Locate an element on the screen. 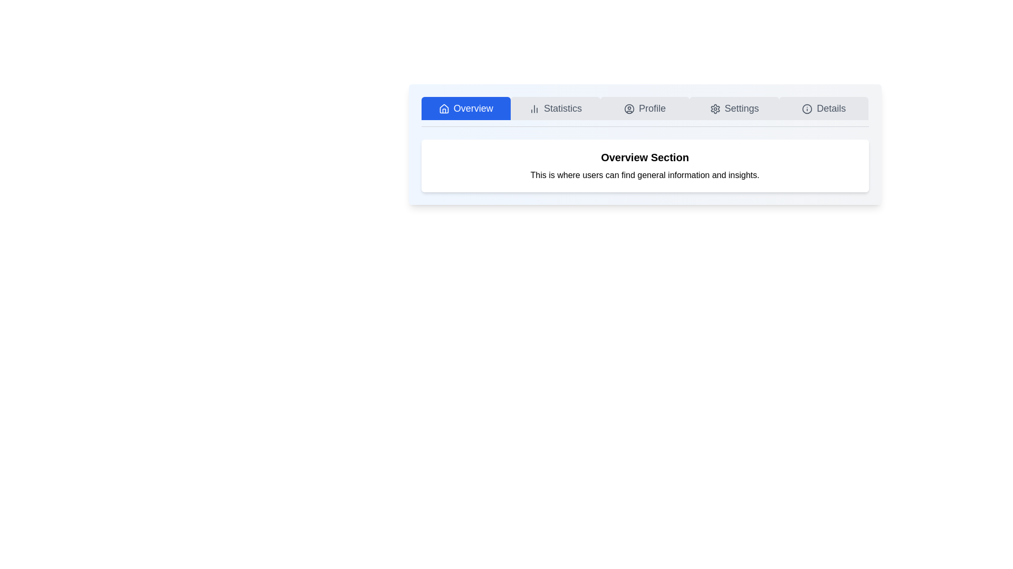 The width and height of the screenshot is (1013, 569). the 'Profile' tab in the tab bar to observe potential visual responses is located at coordinates (644, 108).